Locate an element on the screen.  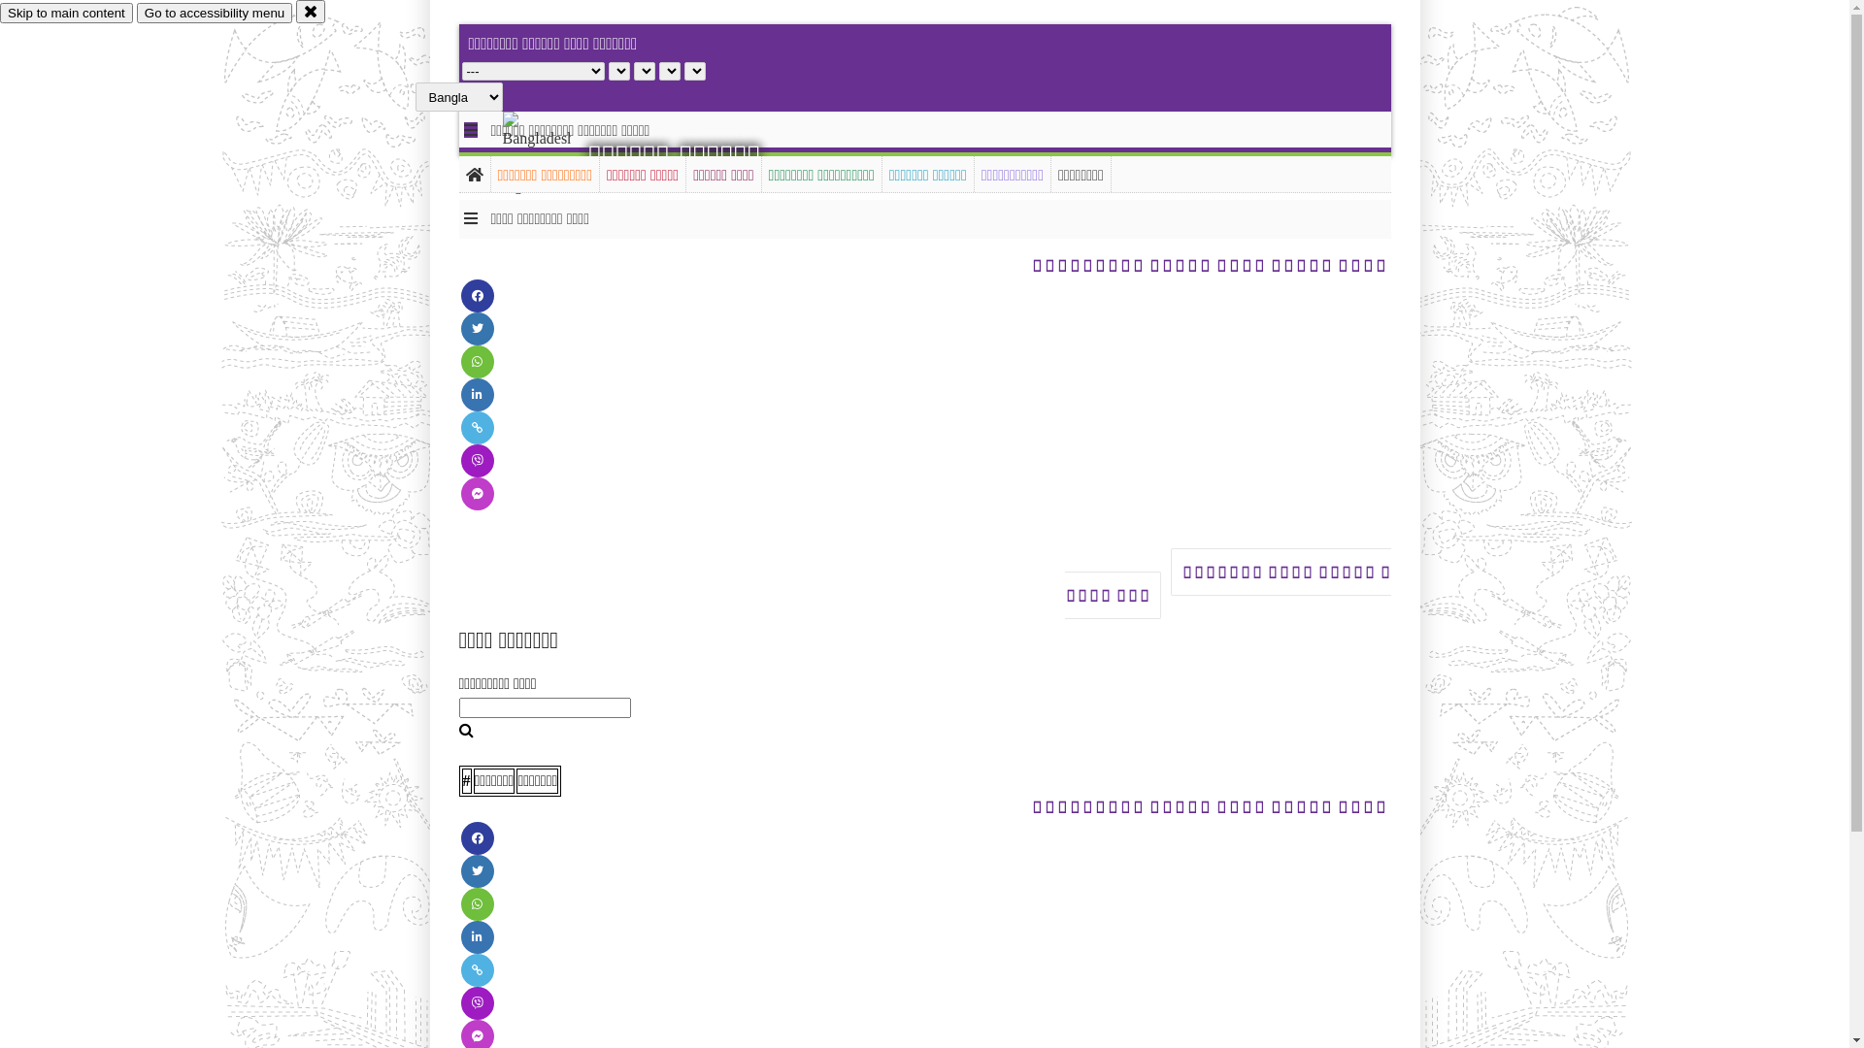
' is located at coordinates (503, 152).